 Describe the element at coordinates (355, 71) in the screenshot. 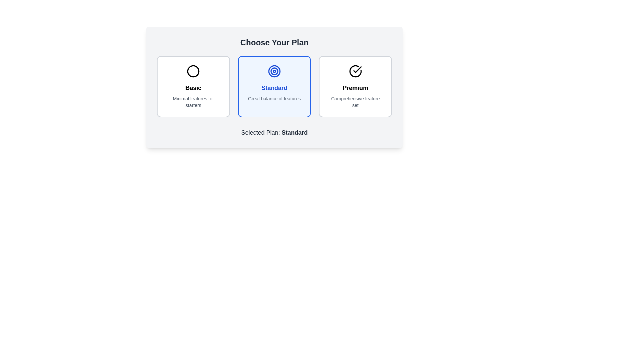

I see `the circular checkmark icon indicating selection or confirmation located at the top center of the 'Premium' plan section` at that location.